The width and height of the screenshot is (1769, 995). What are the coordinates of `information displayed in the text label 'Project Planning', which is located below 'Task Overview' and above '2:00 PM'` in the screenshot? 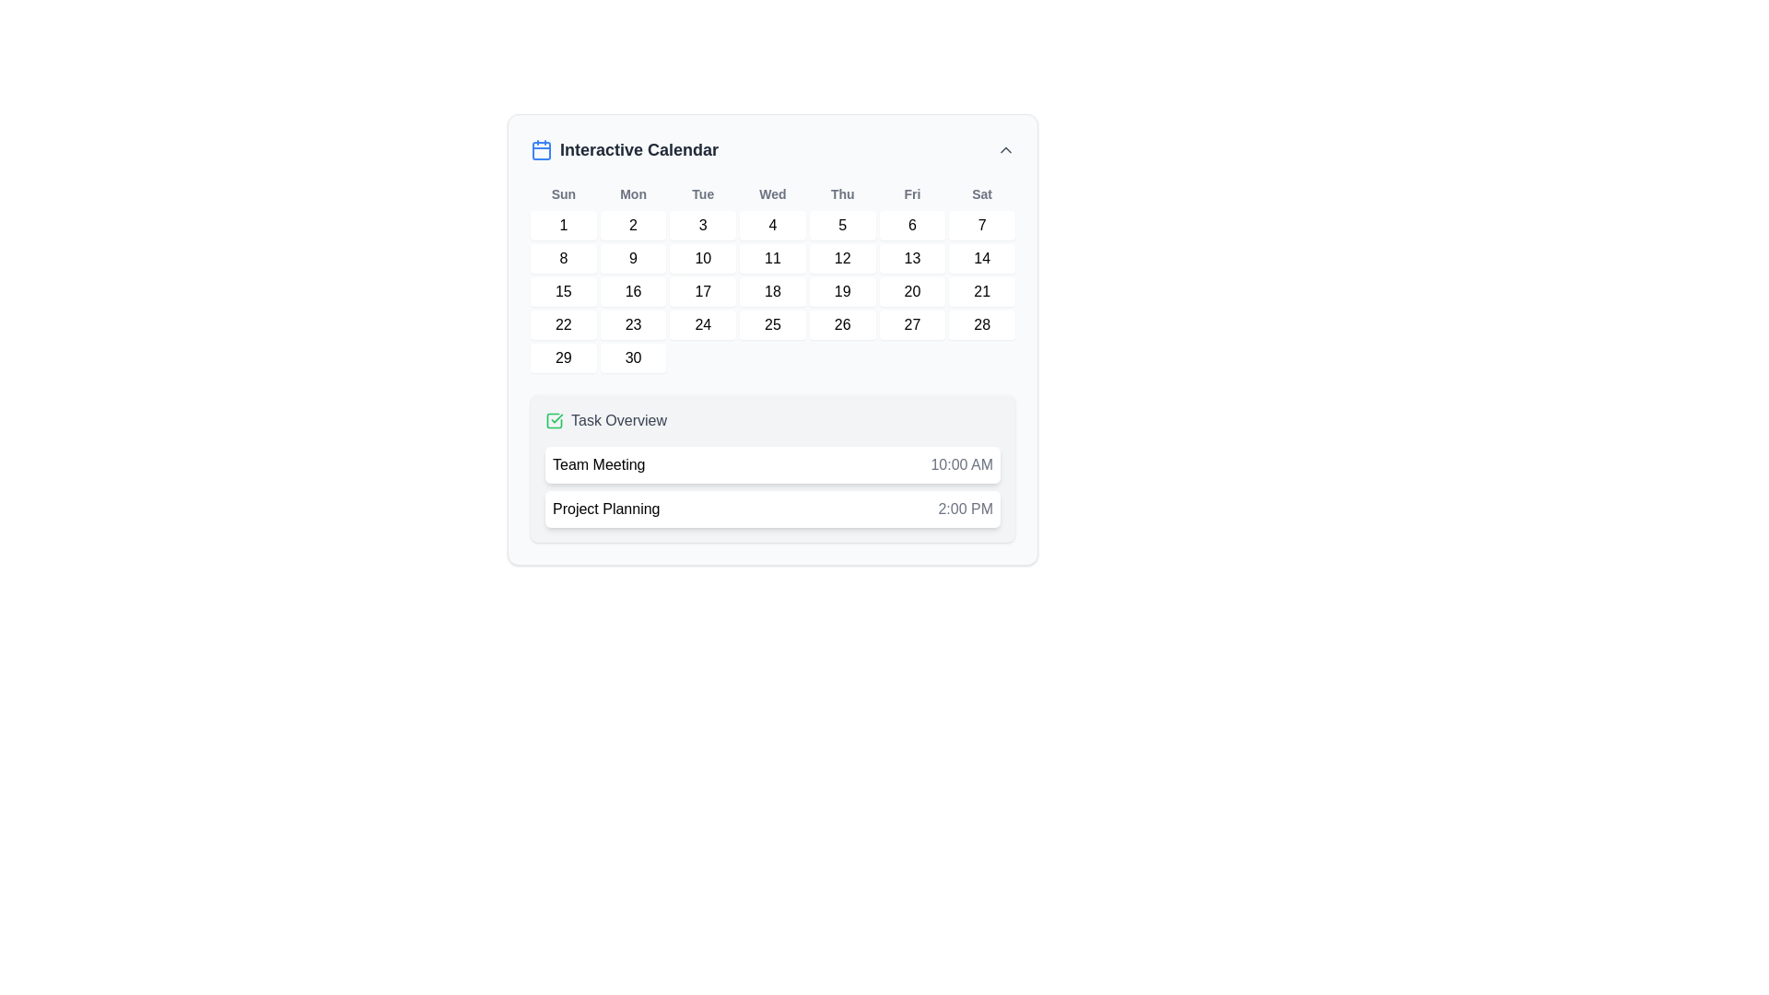 It's located at (606, 509).